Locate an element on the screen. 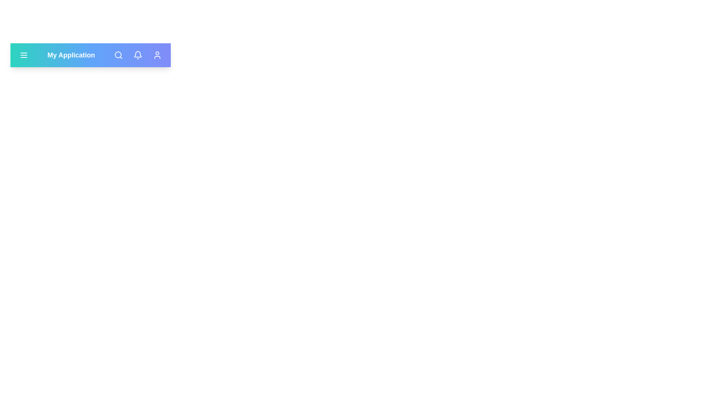 This screenshot has height=403, width=716. the search button to toggle the search input field is located at coordinates (118, 54).